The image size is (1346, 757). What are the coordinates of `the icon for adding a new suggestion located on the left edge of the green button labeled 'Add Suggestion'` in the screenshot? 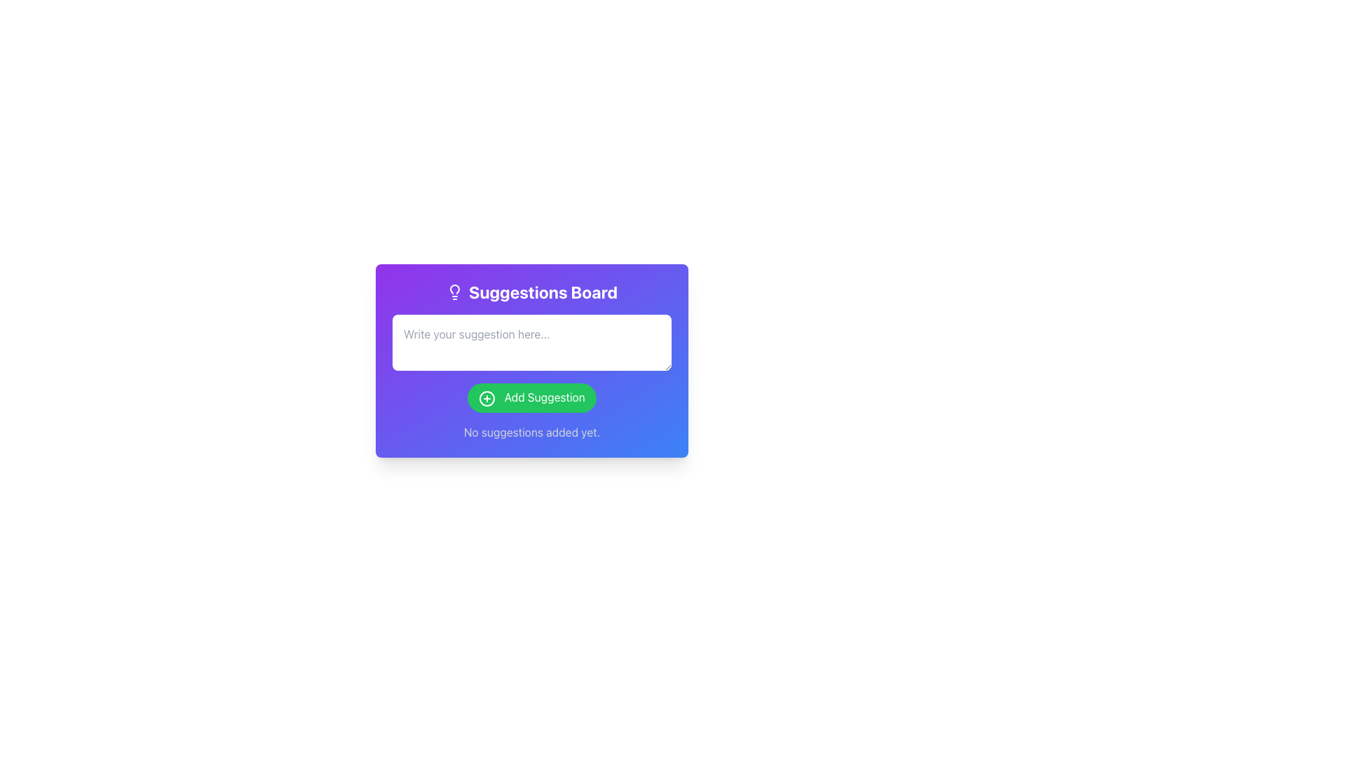 It's located at (487, 398).